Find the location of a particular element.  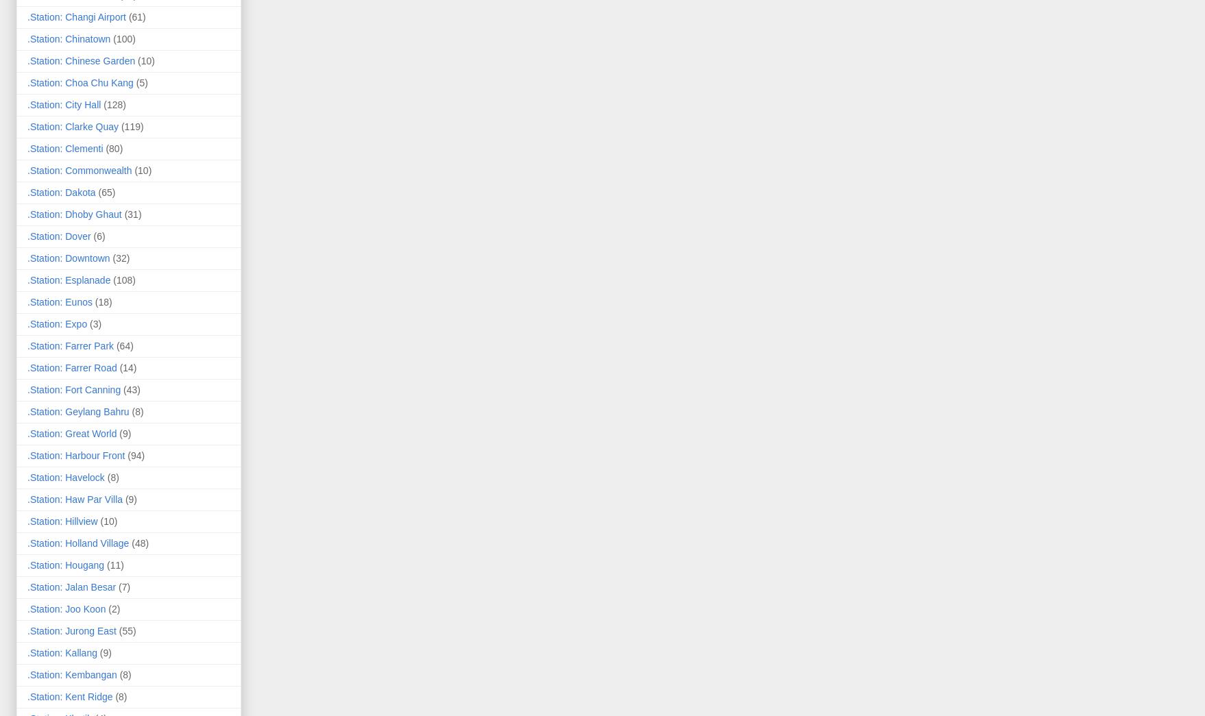

'.Station: Hougang' is located at coordinates (65, 563).